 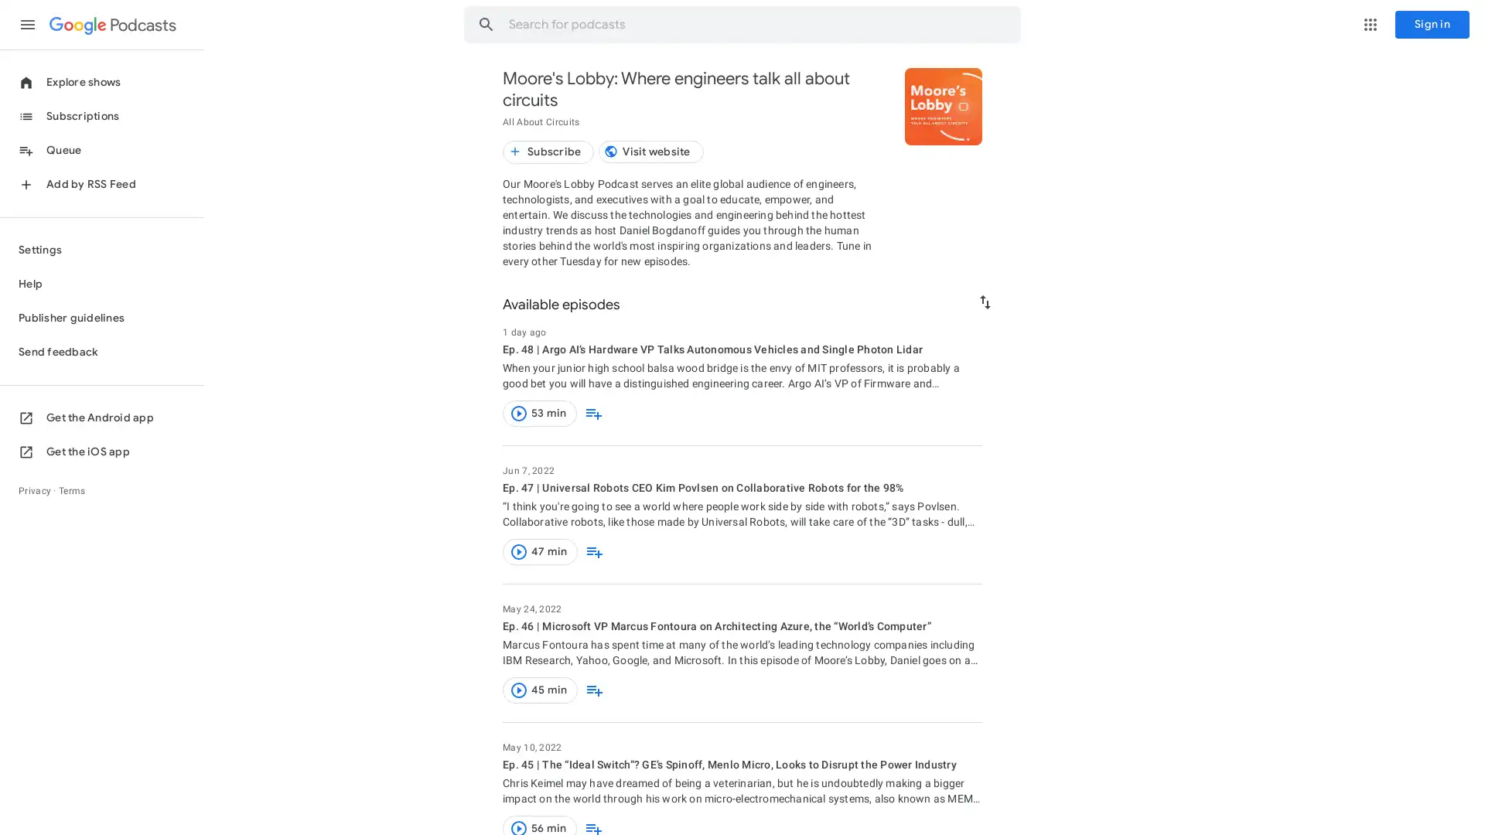 What do you see at coordinates (27, 24) in the screenshot?
I see `Main menu` at bounding box center [27, 24].